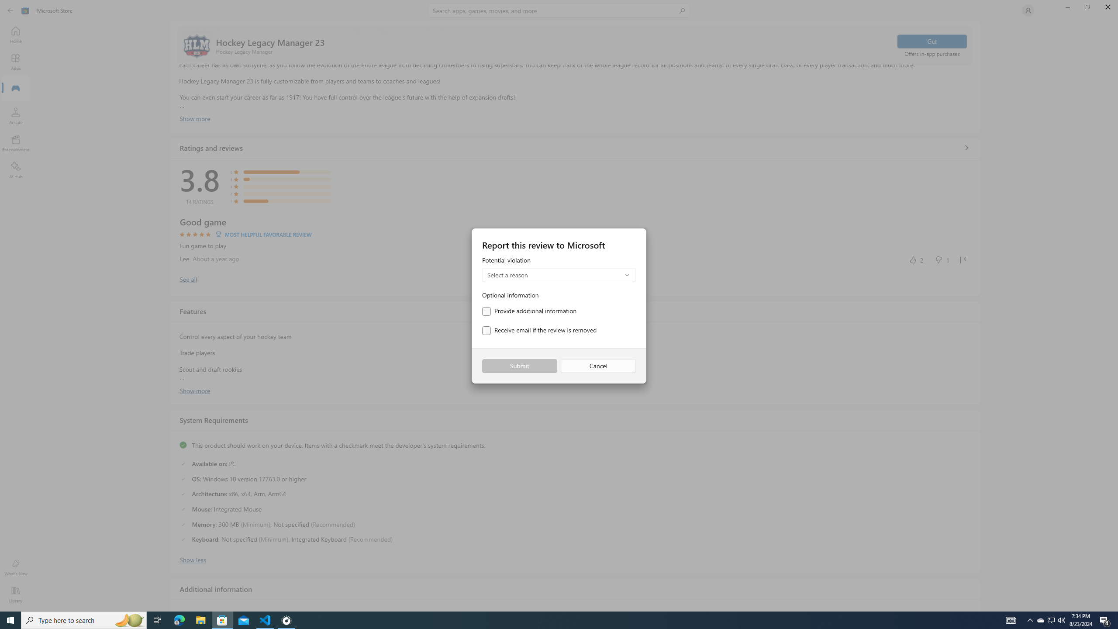 Image resolution: width=1118 pixels, height=629 pixels. I want to click on 'Show less', so click(192, 559).